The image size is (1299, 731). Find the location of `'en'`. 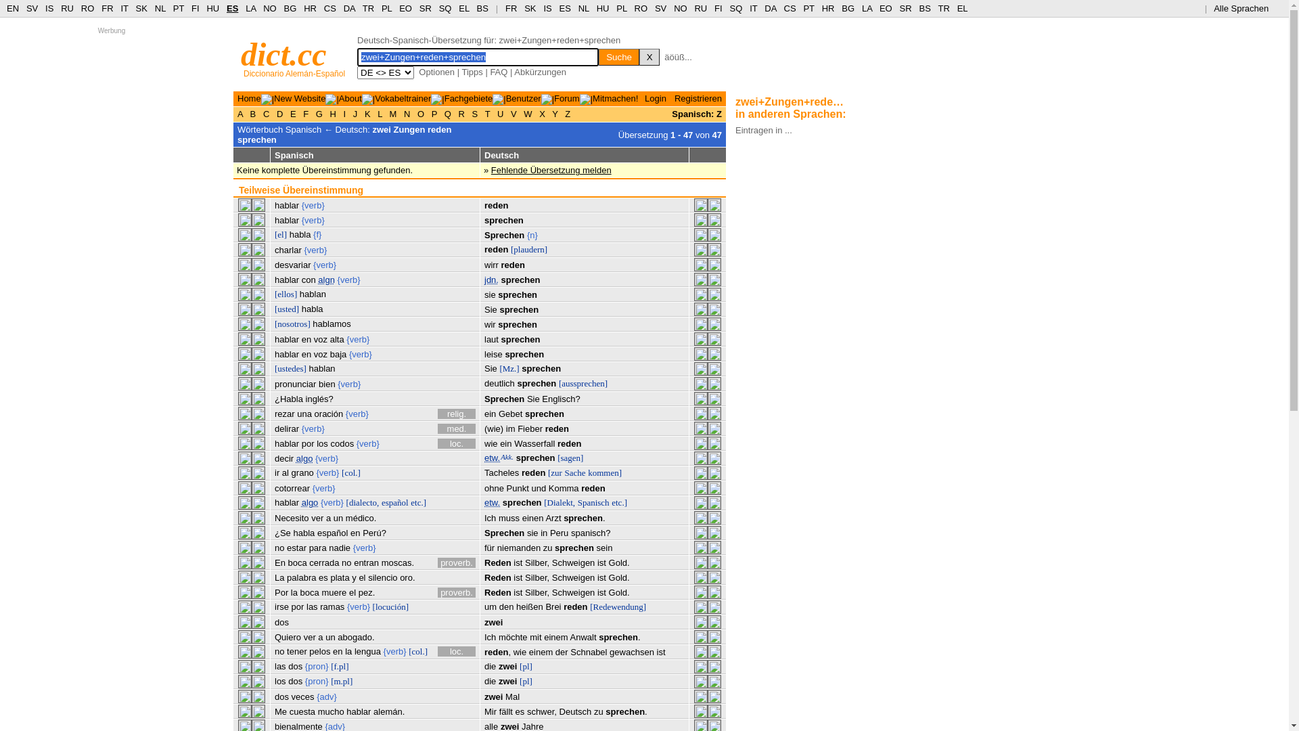

'en' is located at coordinates (305, 353).